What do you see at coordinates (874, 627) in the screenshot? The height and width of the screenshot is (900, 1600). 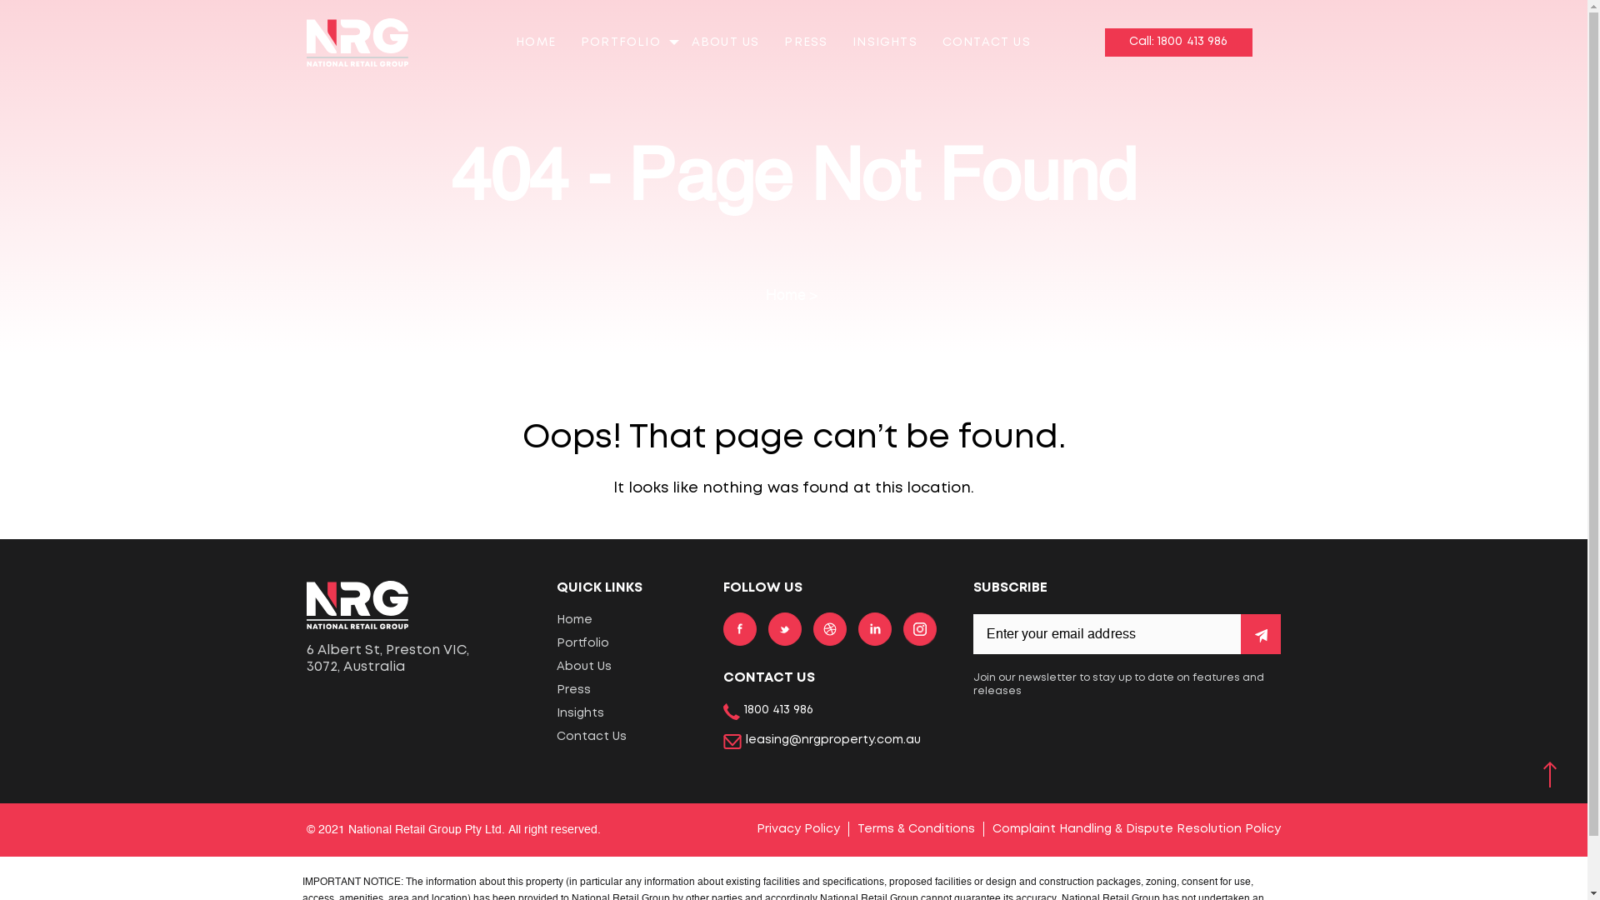 I see `'Linked-In'` at bounding box center [874, 627].